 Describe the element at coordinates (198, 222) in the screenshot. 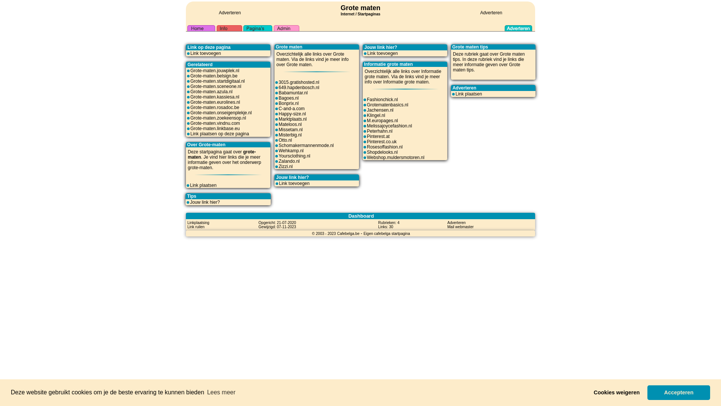

I see `'Linkplaatsing'` at that location.